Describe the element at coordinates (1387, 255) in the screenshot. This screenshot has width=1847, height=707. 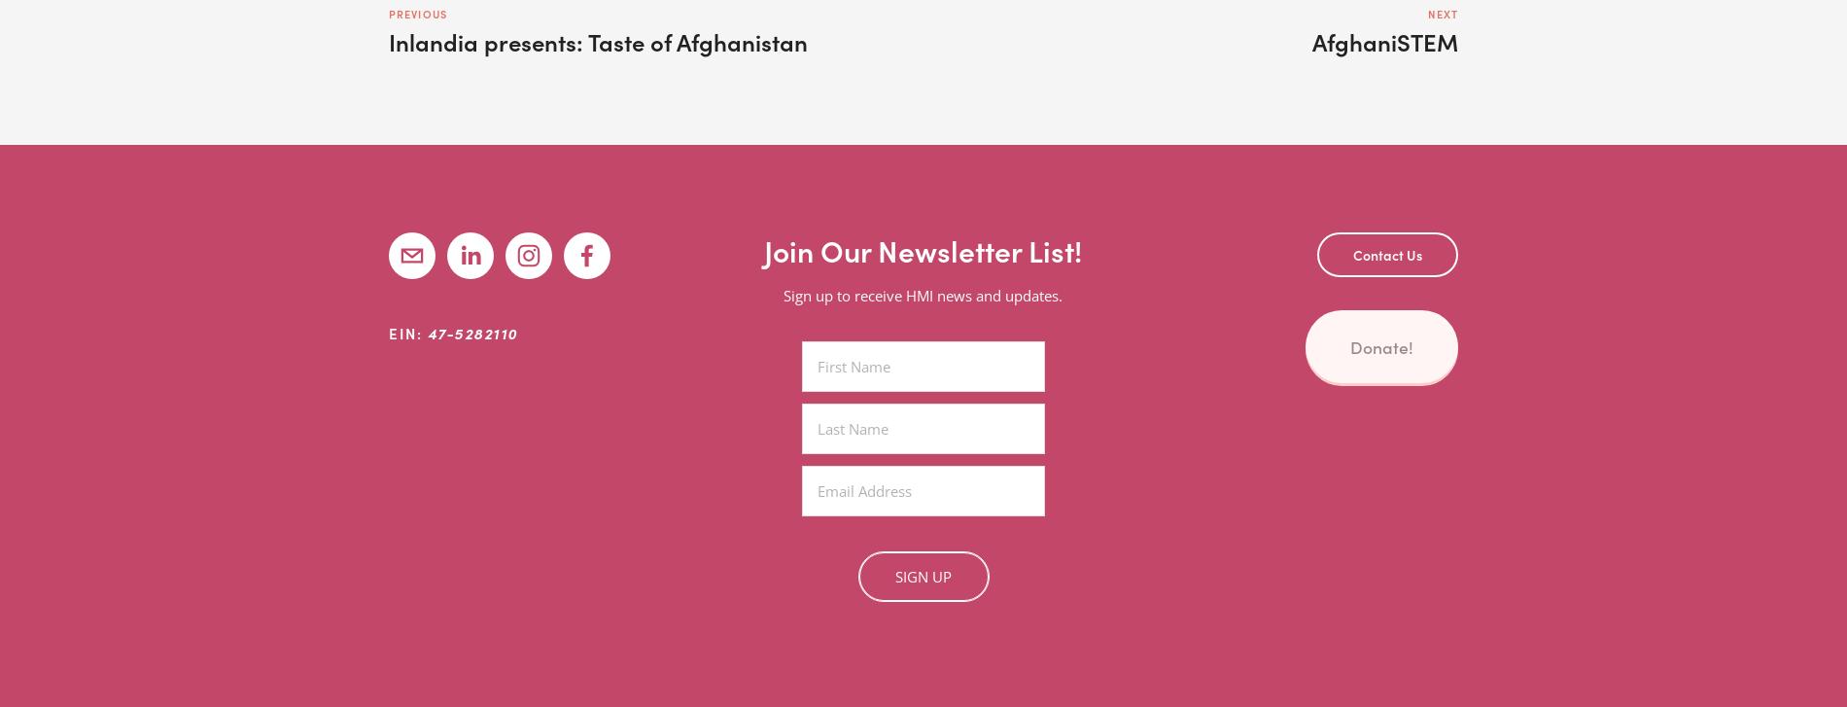
I see `'Contact Us'` at that location.